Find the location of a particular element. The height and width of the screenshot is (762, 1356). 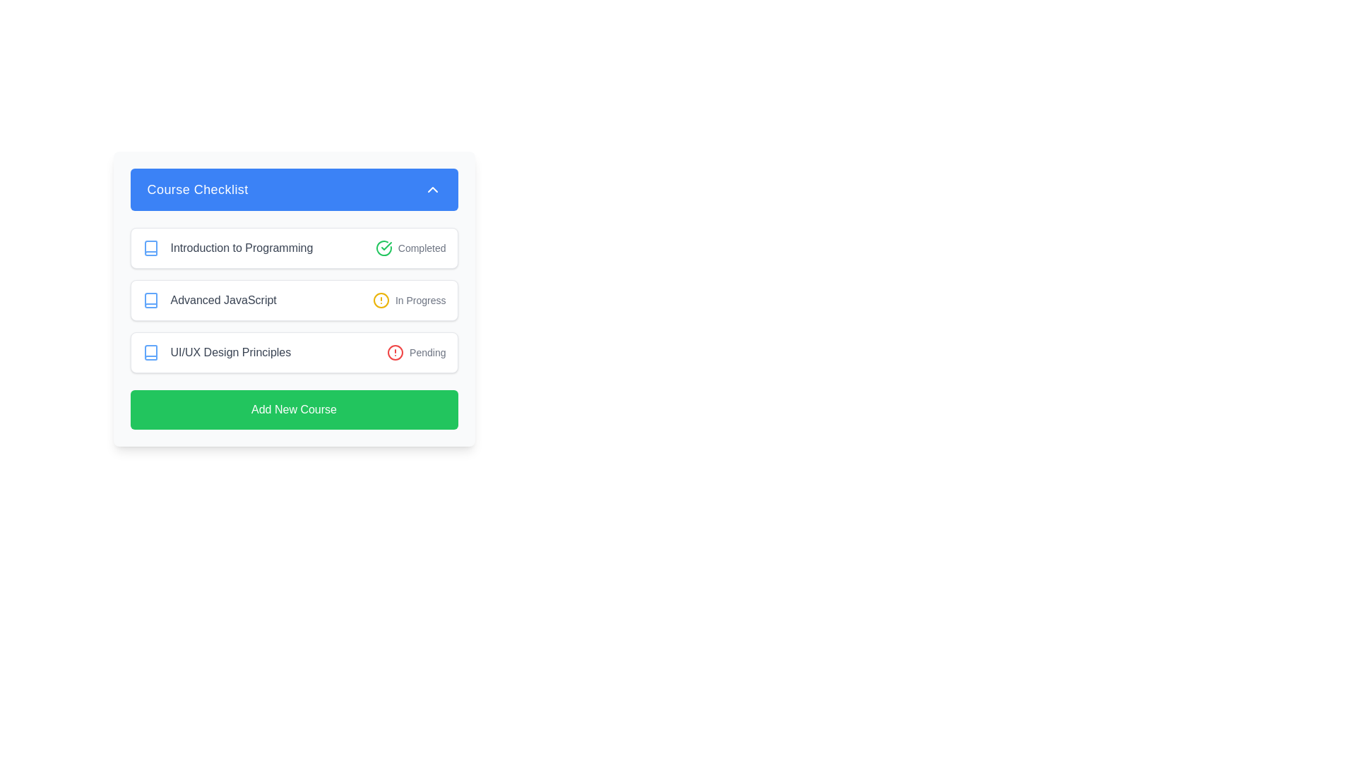

the small, blue-outlined square icon with an open book graphic, located to the left of the text 'Introduction to Programming' in the 'Course Checklist' section is located at coordinates (150, 247).